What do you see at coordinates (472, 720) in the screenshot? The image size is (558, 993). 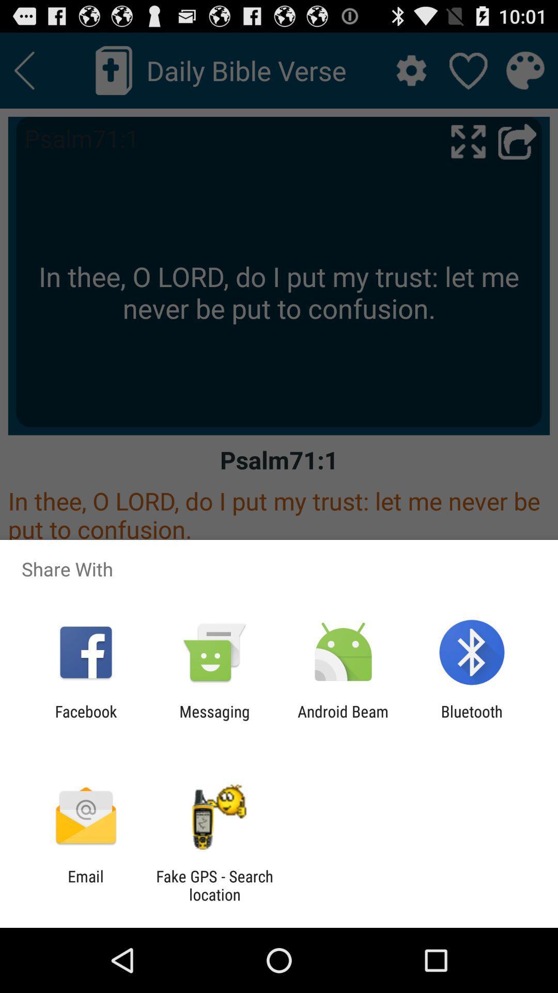 I see `the icon at the bottom right corner` at bounding box center [472, 720].